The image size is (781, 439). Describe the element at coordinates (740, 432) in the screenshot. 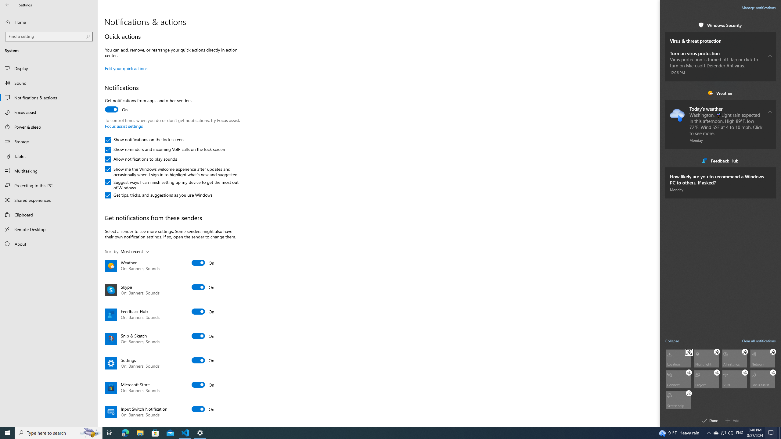

I see `'Tray Input Indicator - English (United States)'` at that location.